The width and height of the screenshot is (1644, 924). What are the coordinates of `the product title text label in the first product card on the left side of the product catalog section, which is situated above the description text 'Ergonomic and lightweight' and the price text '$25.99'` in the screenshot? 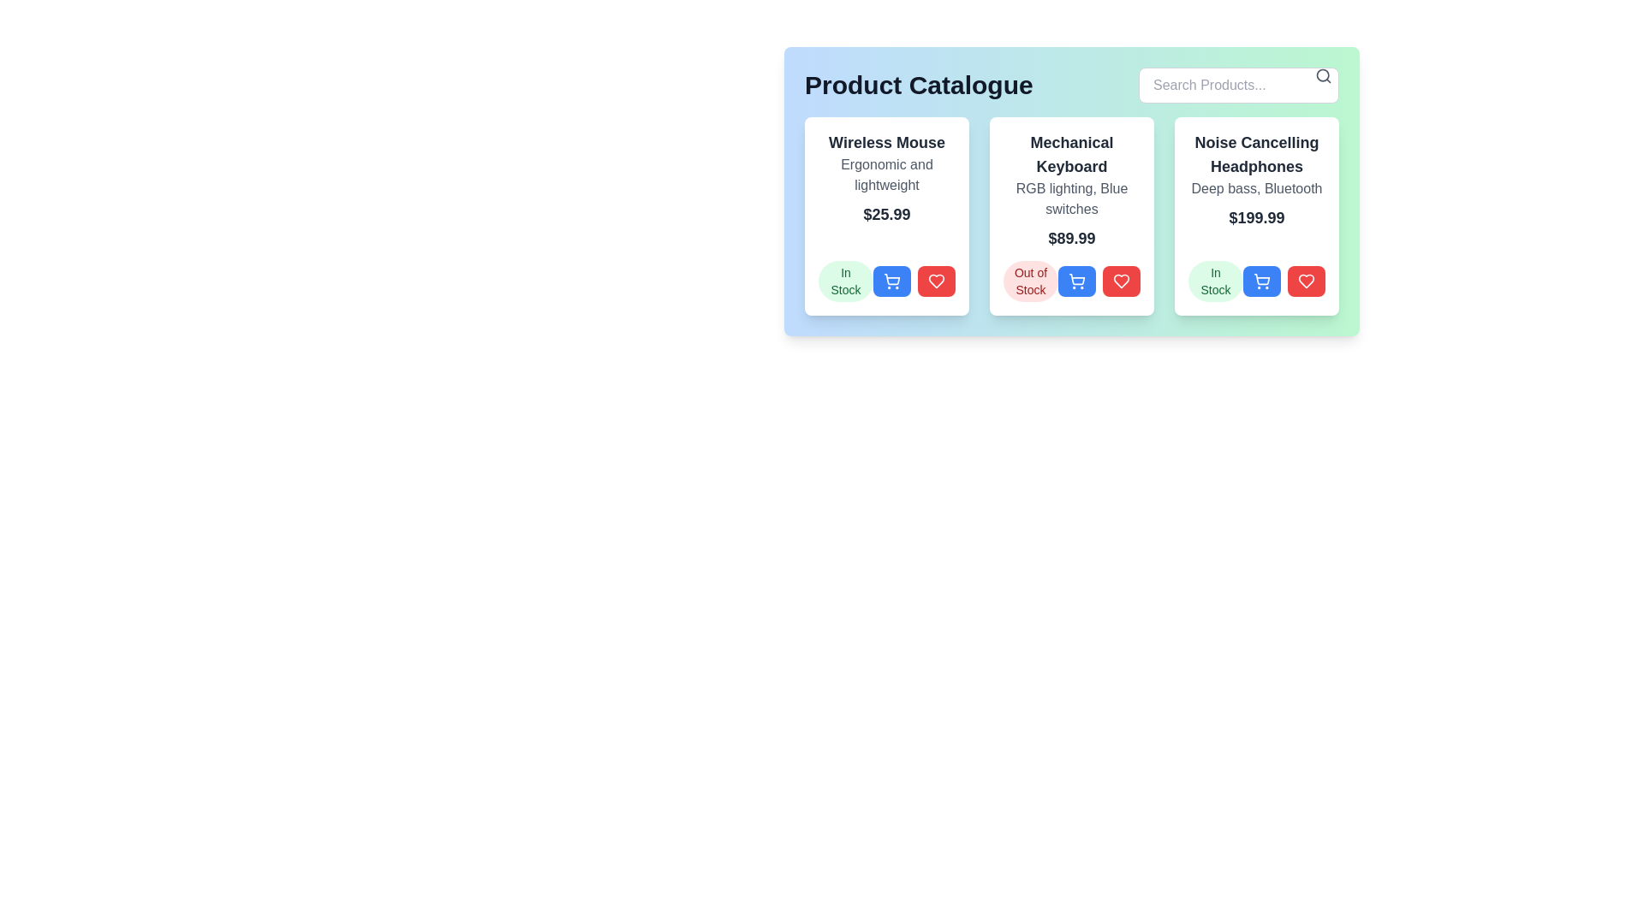 It's located at (887, 141).